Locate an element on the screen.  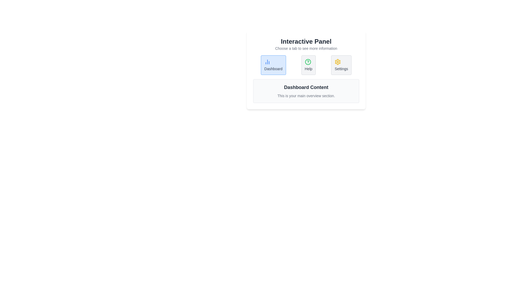
the Static text label reading 'This is your main overview section.' located below the heading 'Dashboard Content' is located at coordinates (306, 96).